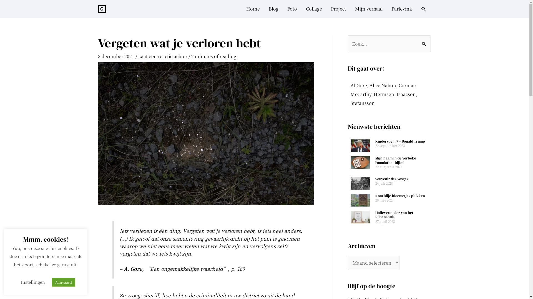  What do you see at coordinates (395, 160) in the screenshot?
I see `'Mijn naam in de Verbeke Foundation-bijbel'` at bounding box center [395, 160].